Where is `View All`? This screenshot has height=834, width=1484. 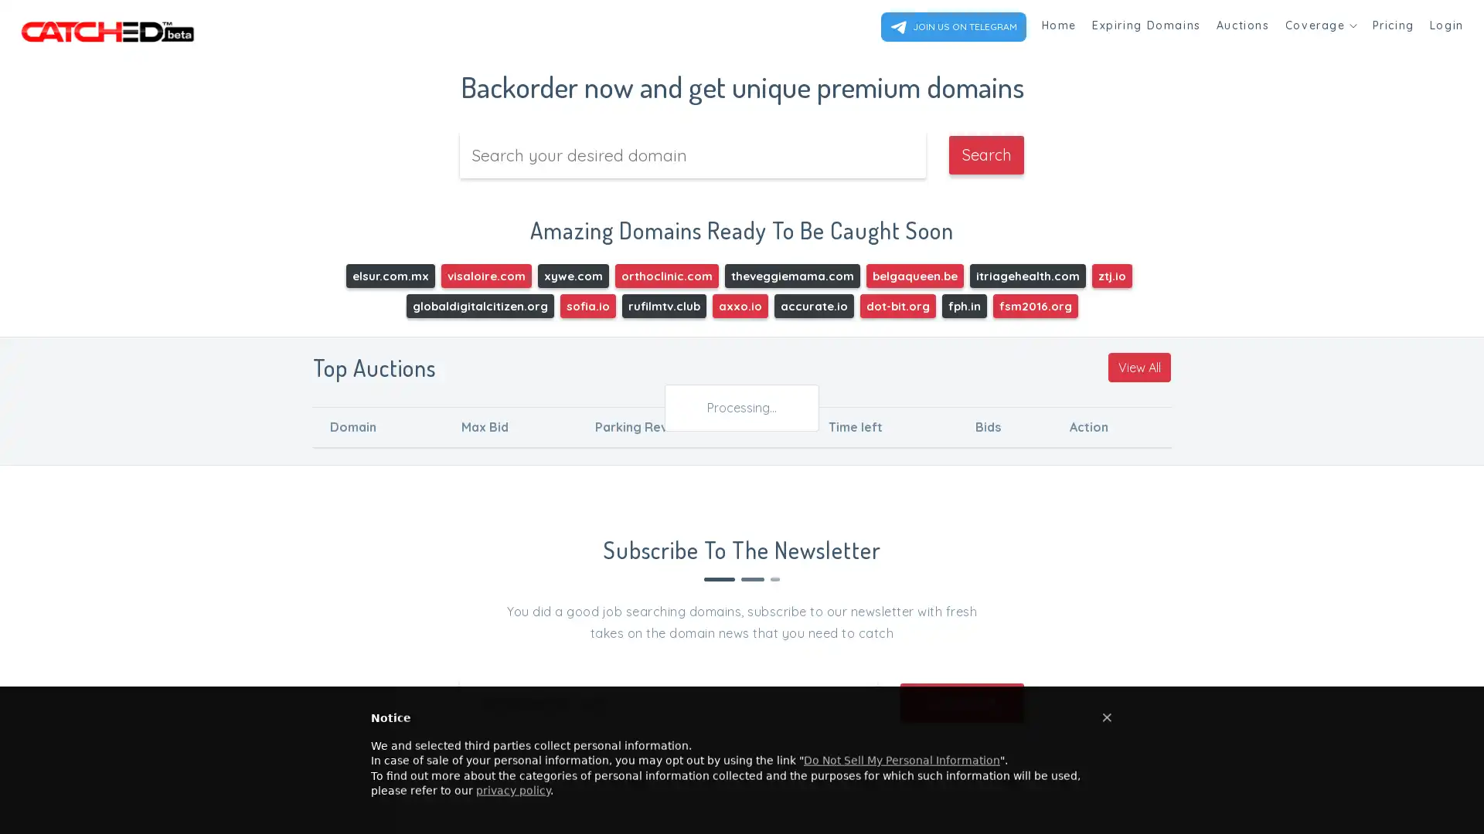 View All is located at coordinates (1139, 366).